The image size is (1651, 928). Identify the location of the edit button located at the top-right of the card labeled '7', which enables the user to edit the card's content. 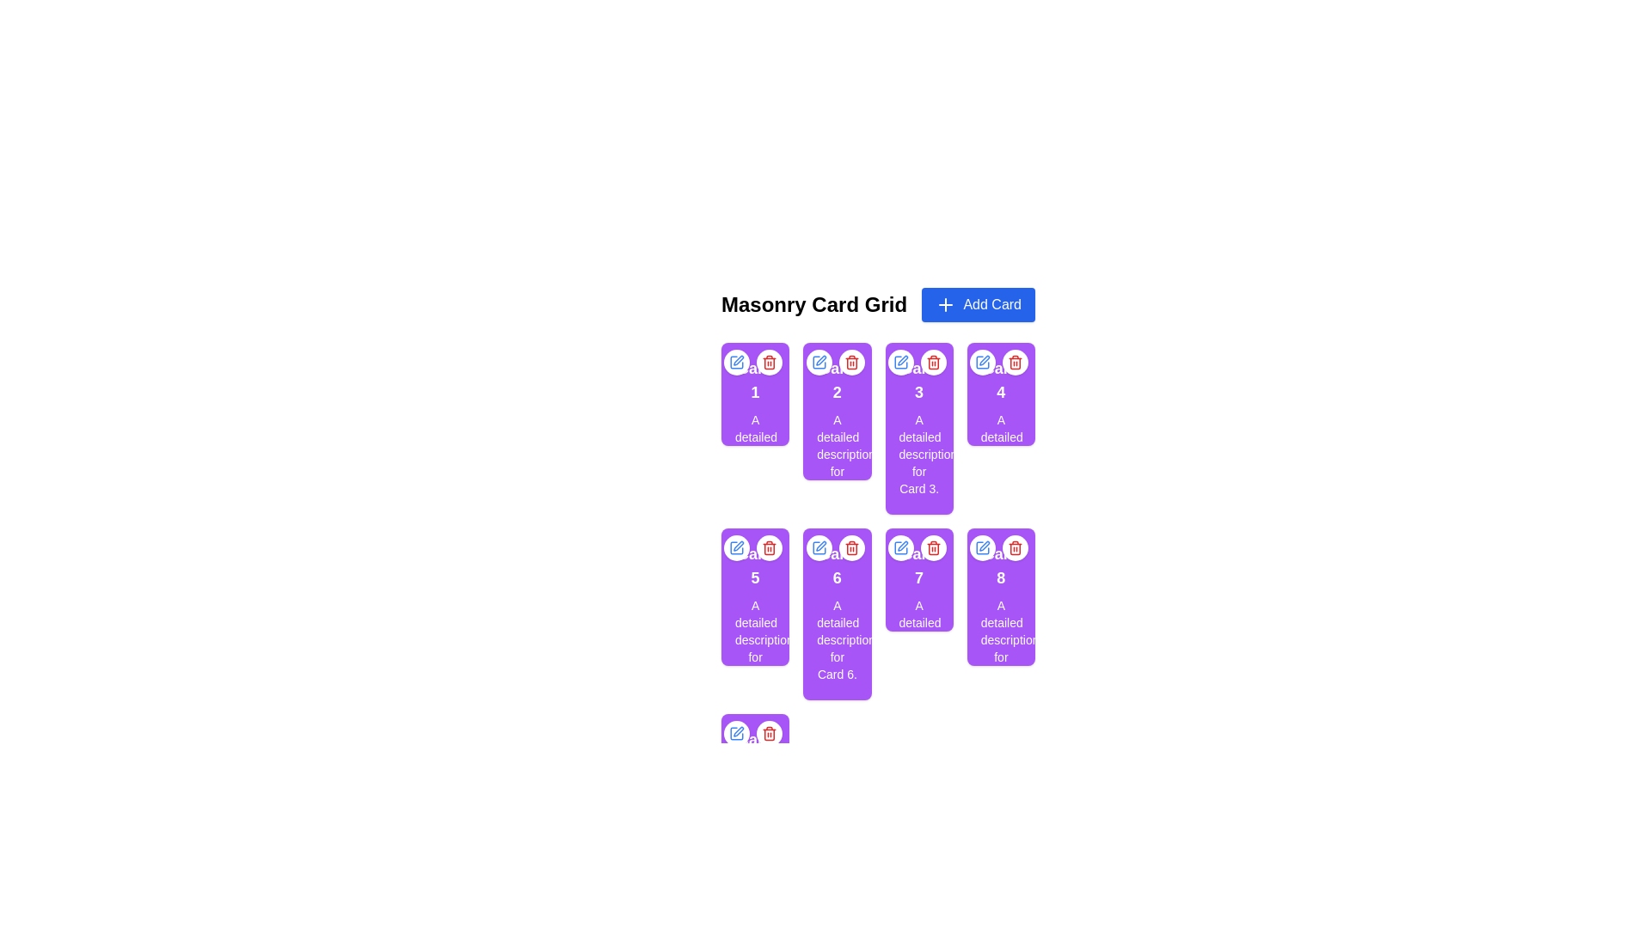
(899, 547).